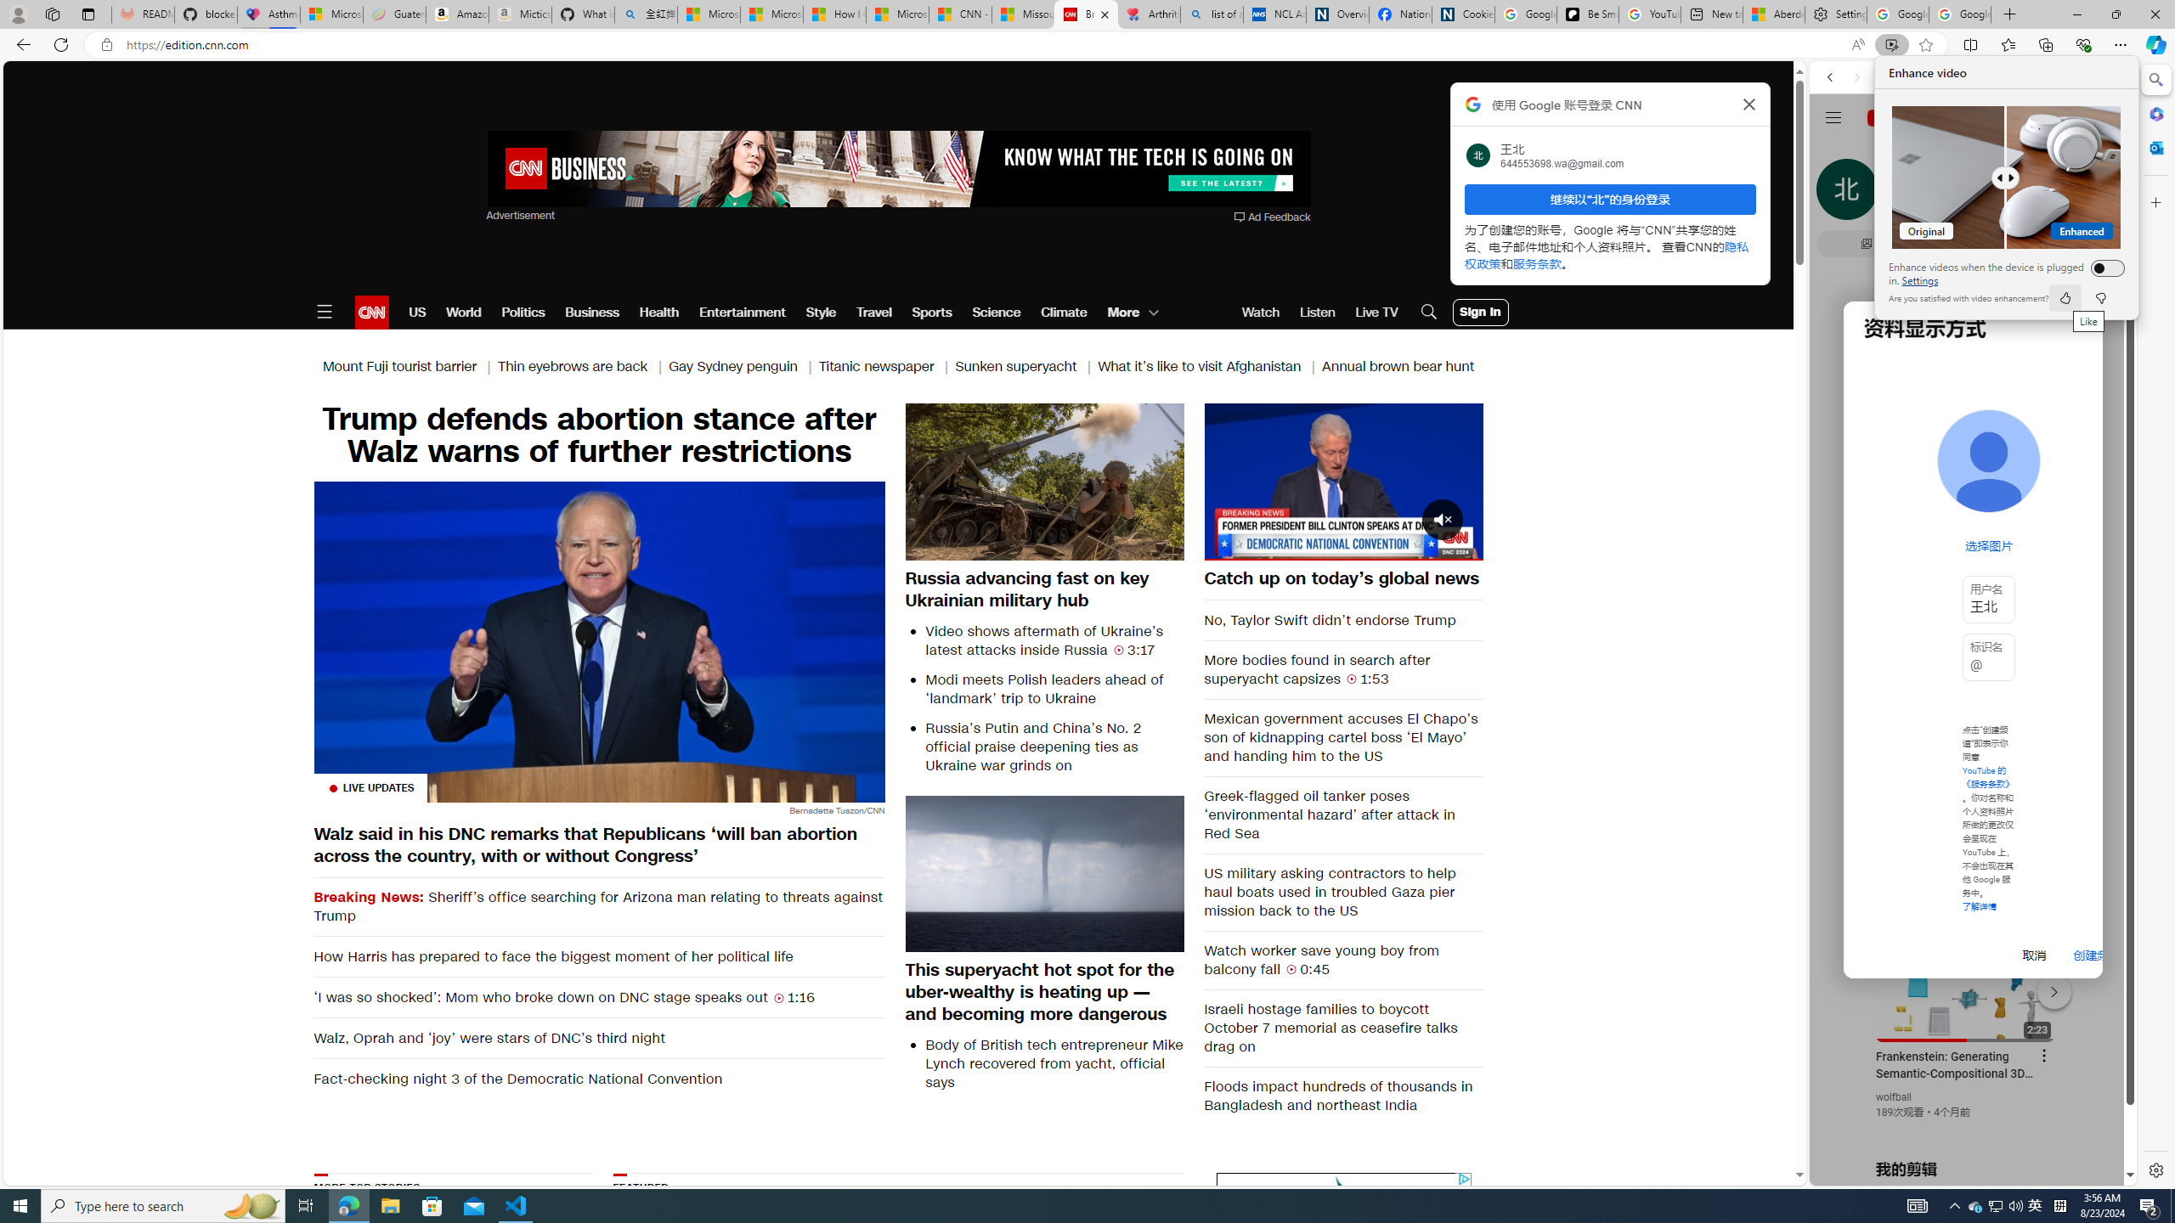 The width and height of the screenshot is (2175, 1223). I want to click on 'Fullscreen', so click(1458, 546).